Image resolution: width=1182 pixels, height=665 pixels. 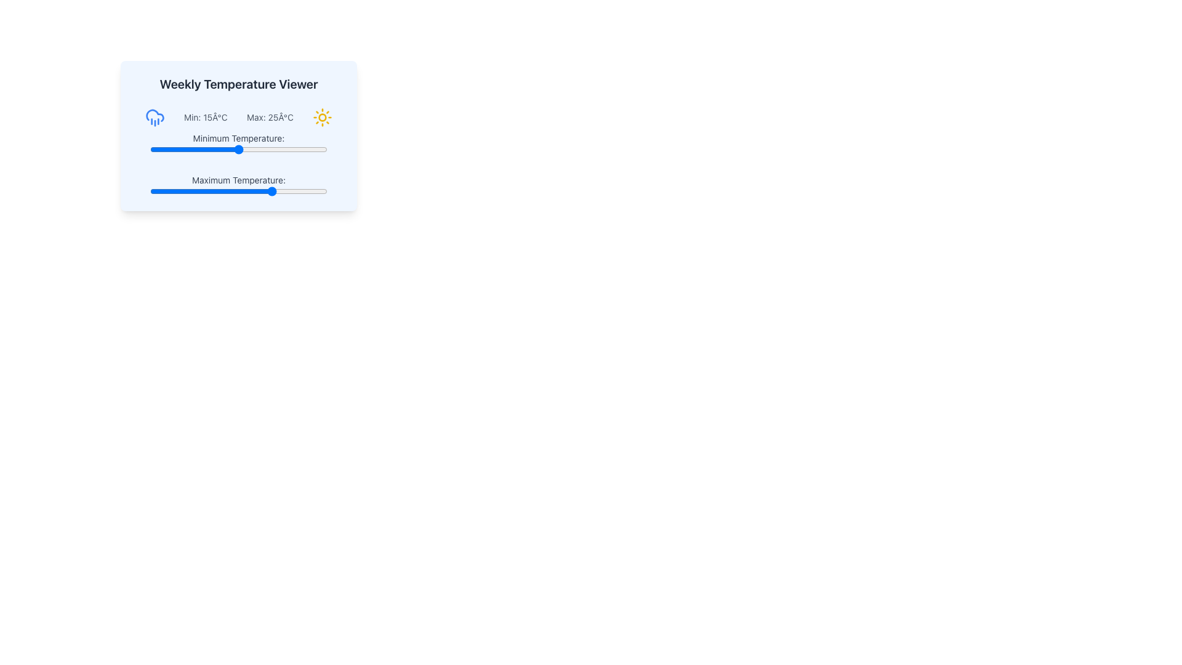 What do you see at coordinates (320, 149) in the screenshot?
I see `the minimum temperature` at bounding box center [320, 149].